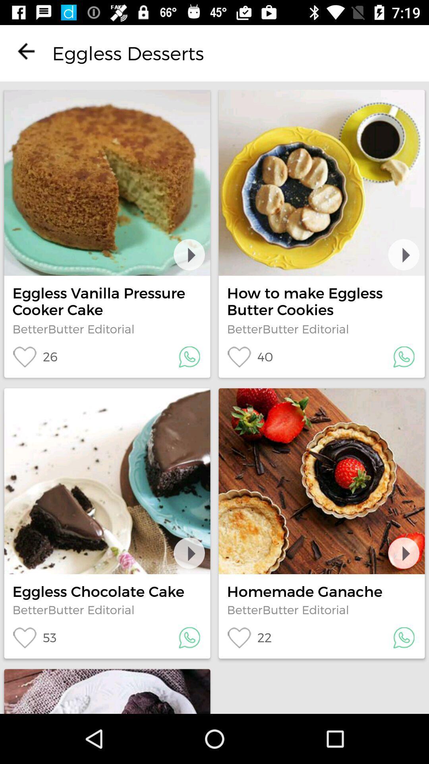 This screenshot has width=429, height=764. Describe the element at coordinates (249, 637) in the screenshot. I see `22 icon` at that location.